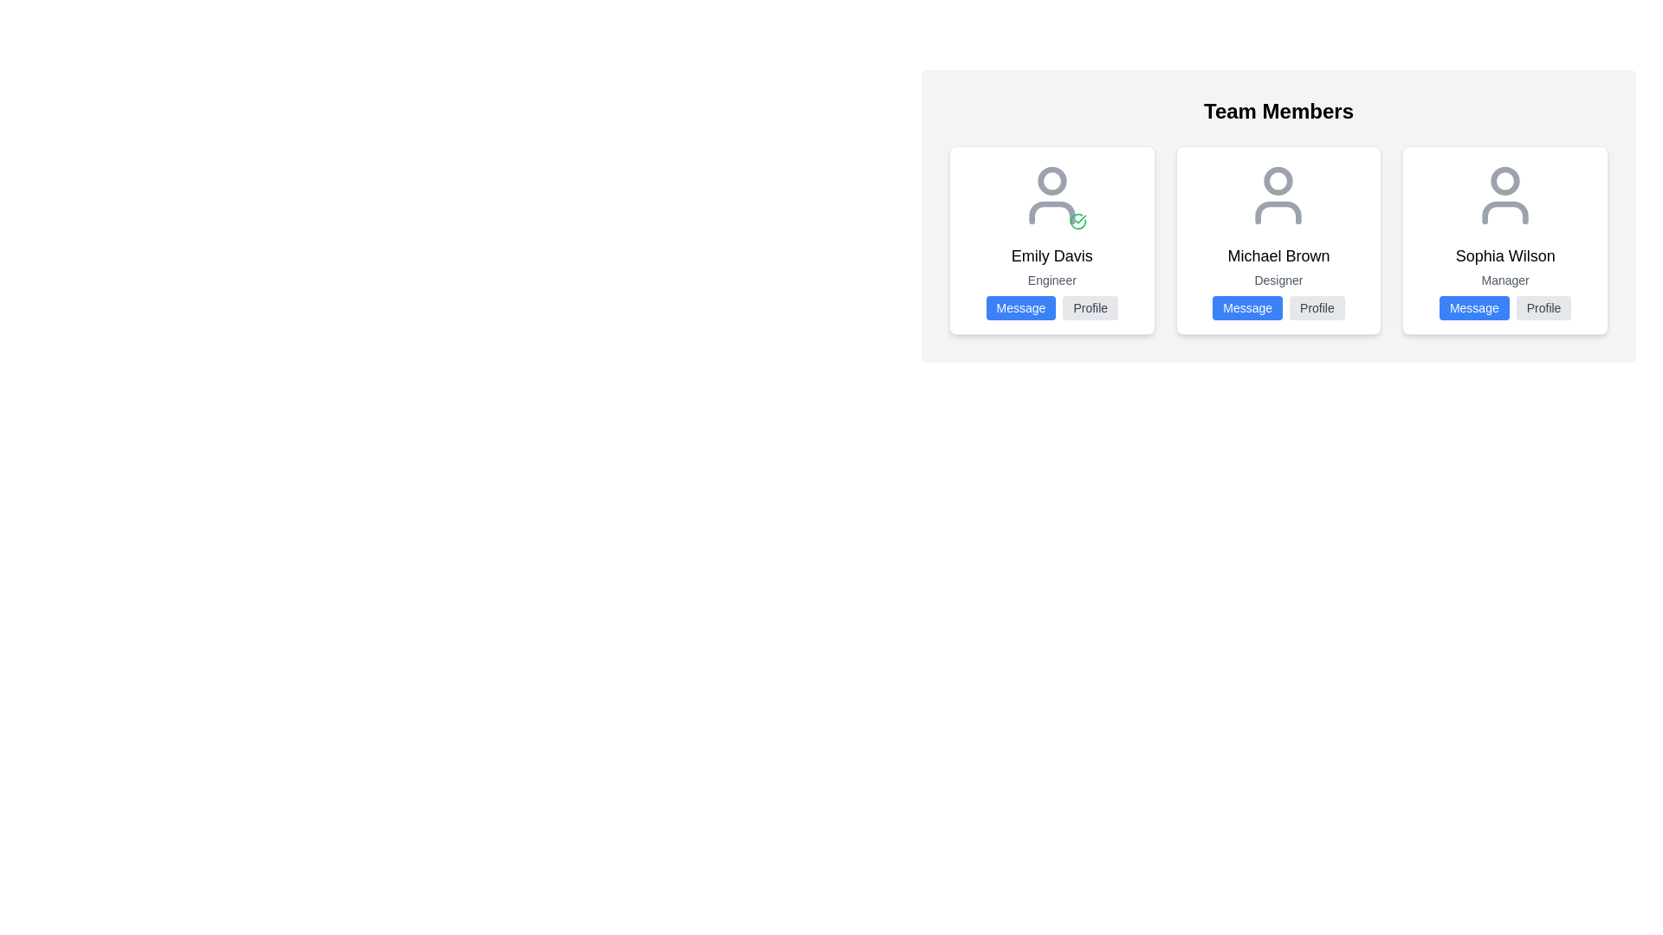  What do you see at coordinates (1051, 256) in the screenshot?
I see `the text element that displays the name of the individual, located in the center column of the team members layout, positioned between the user avatar and the role title 'Engineer'` at bounding box center [1051, 256].